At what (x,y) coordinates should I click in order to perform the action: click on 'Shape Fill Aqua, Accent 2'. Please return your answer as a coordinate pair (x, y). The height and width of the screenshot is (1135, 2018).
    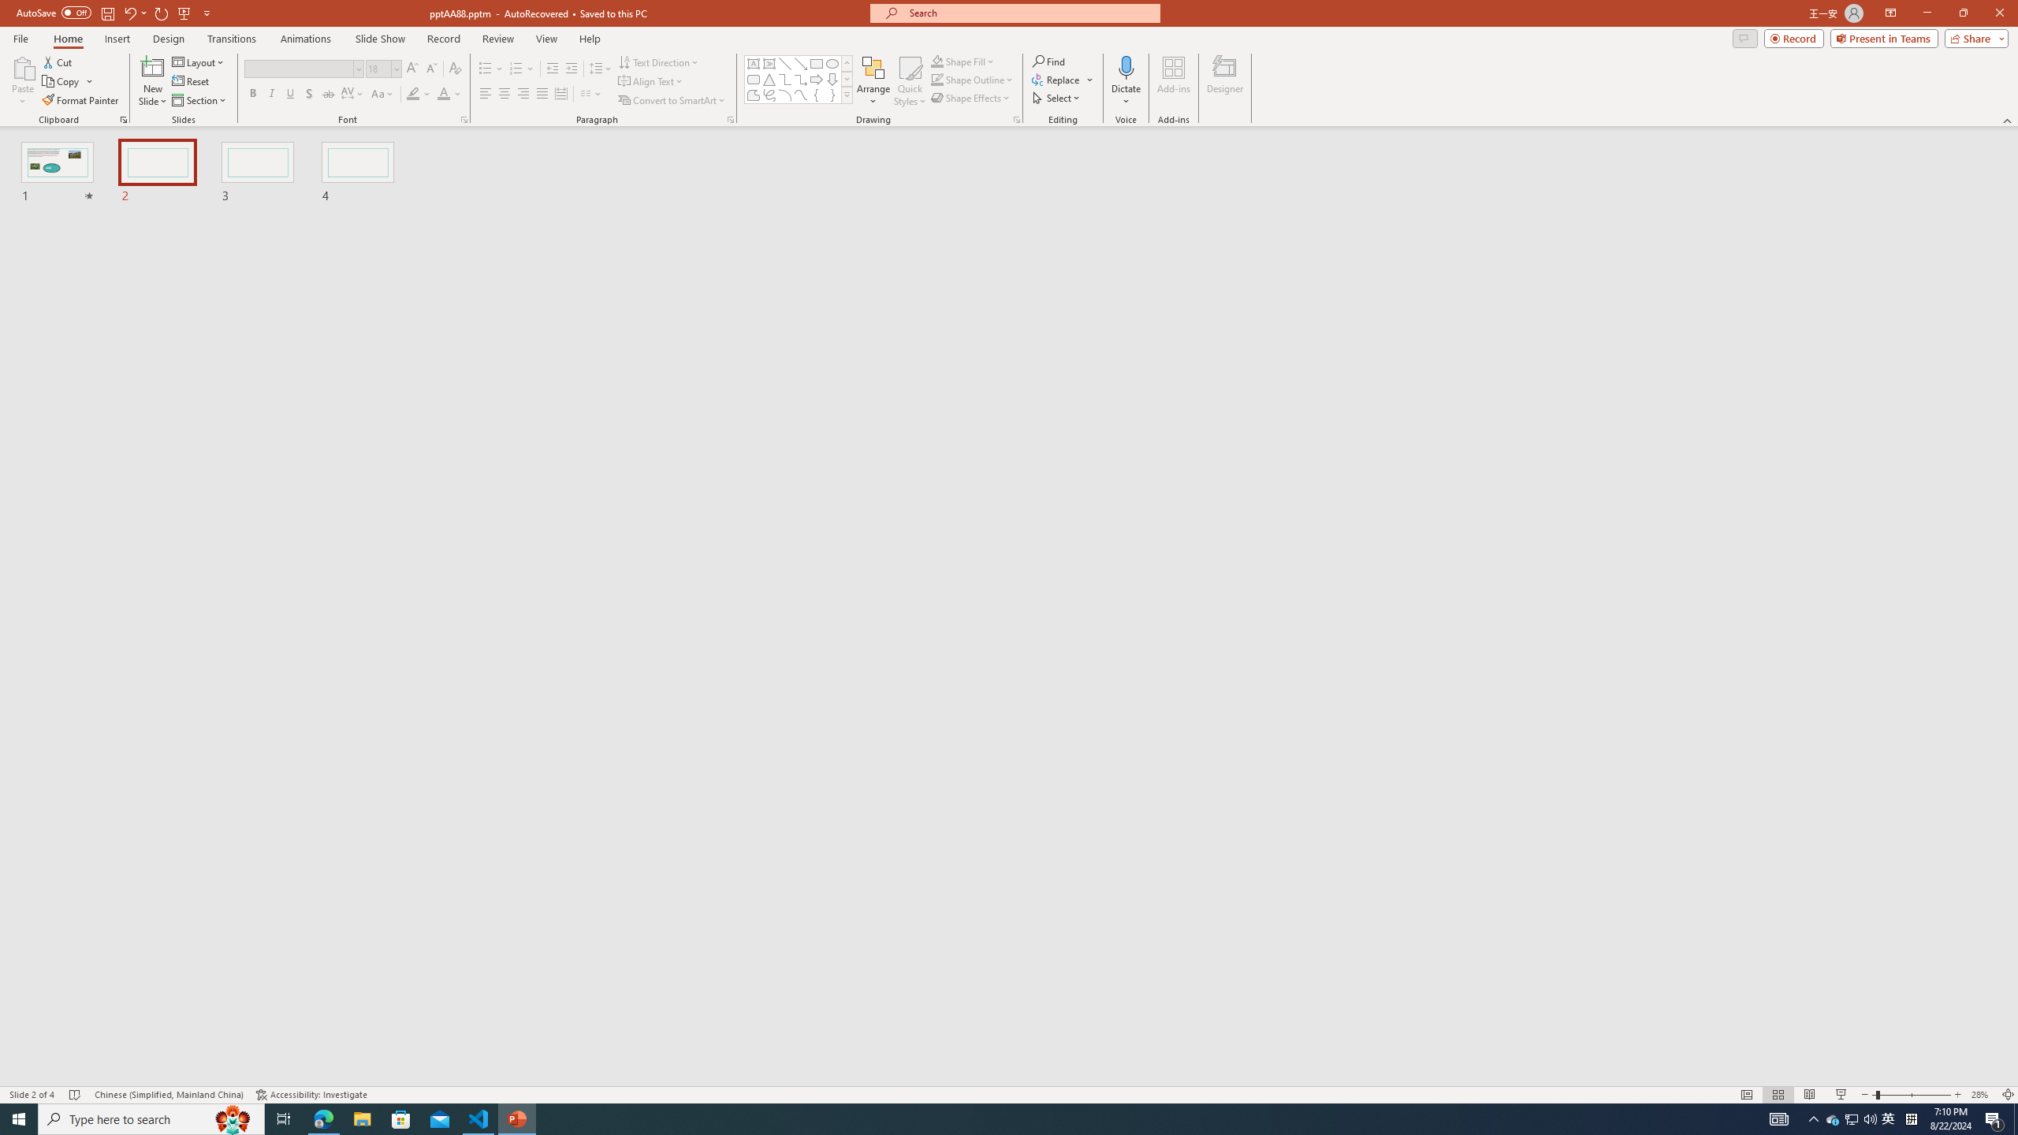
    Looking at the image, I should click on (937, 61).